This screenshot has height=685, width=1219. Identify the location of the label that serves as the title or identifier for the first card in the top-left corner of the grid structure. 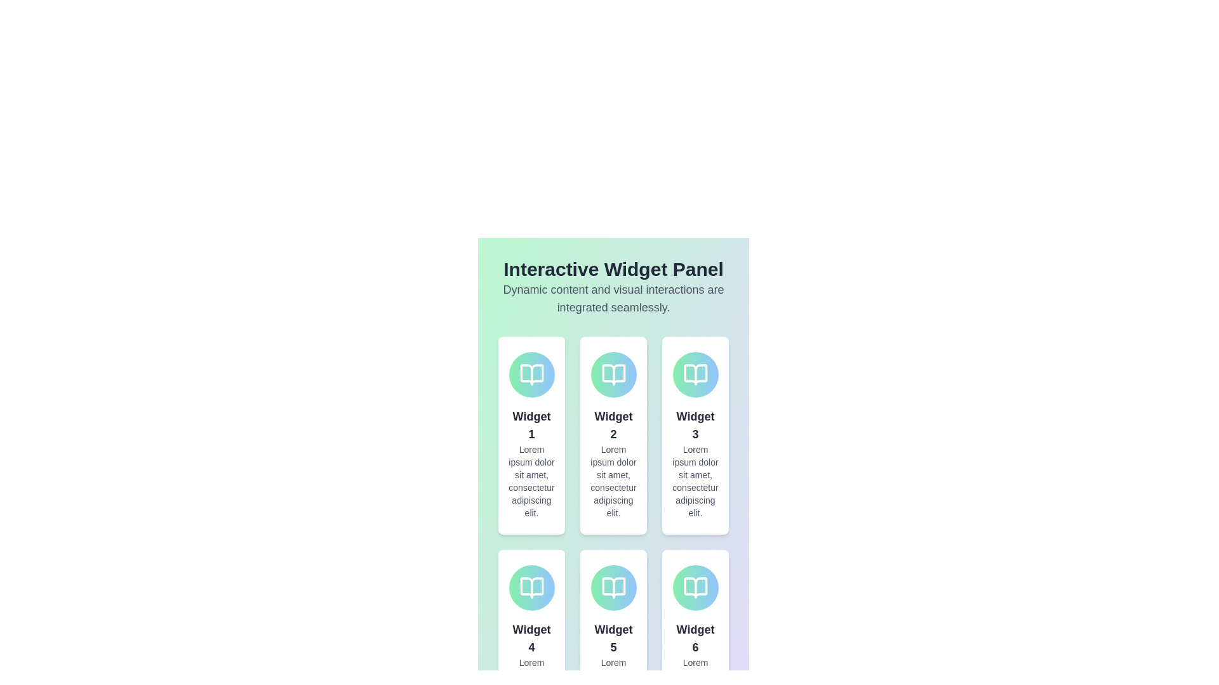
(531, 426).